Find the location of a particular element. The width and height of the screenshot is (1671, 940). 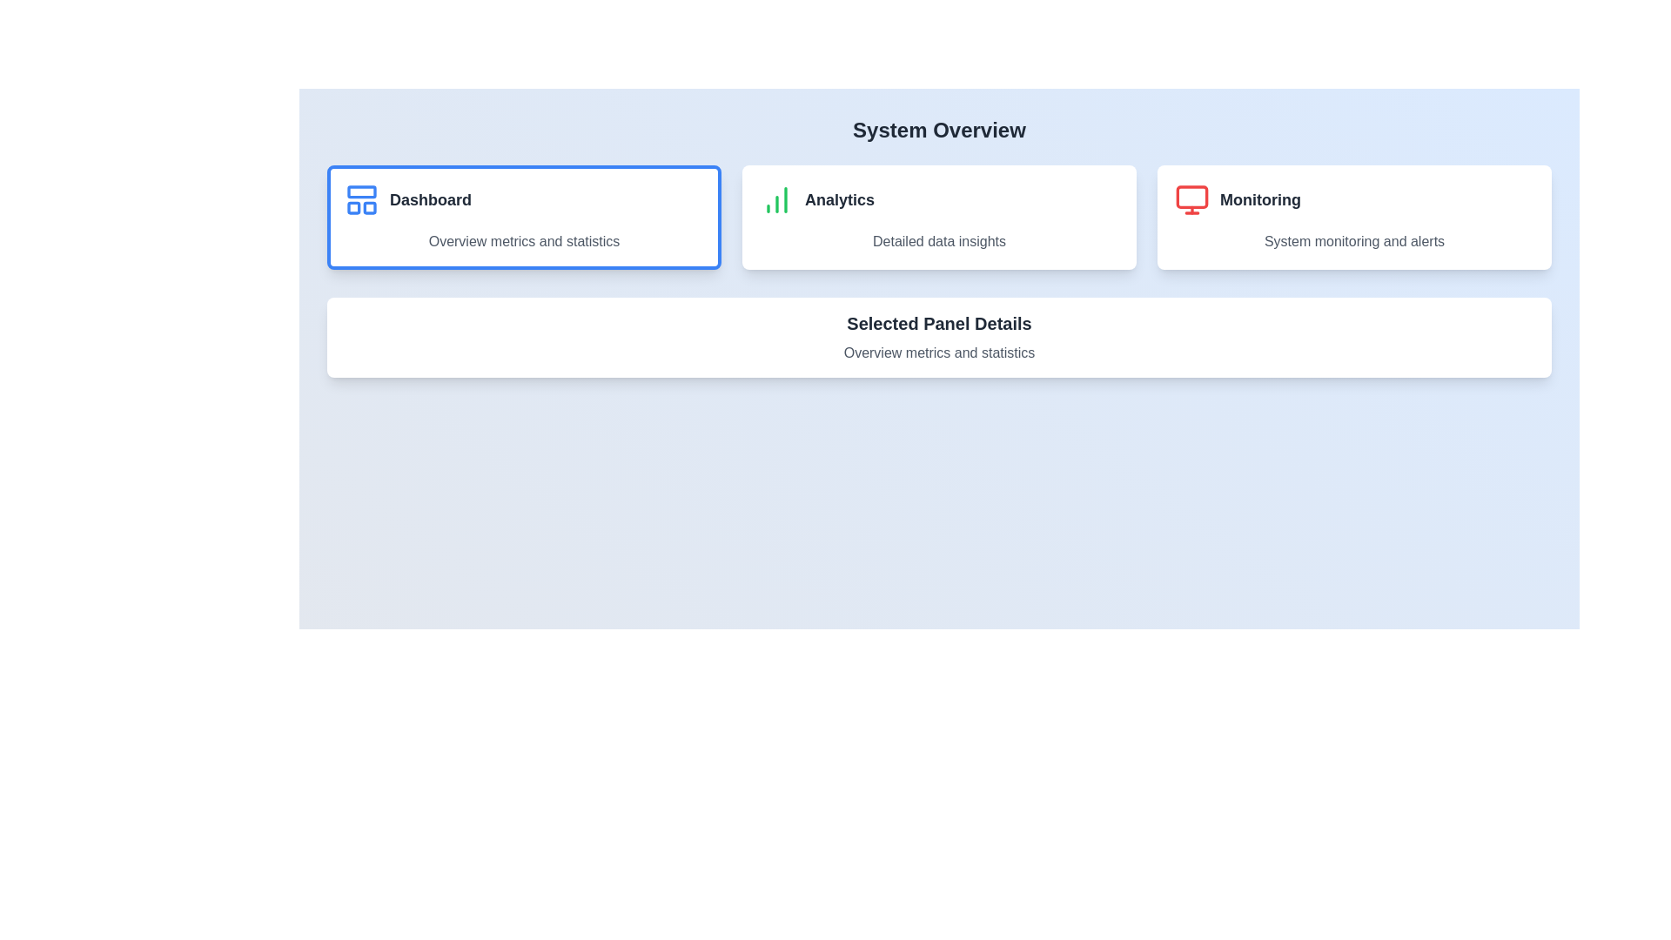

the 'Dashboard' icon, which is visually associated with the dashboard section and located before the text 'Dashboard' in the first item of the group is located at coordinates (361, 199).